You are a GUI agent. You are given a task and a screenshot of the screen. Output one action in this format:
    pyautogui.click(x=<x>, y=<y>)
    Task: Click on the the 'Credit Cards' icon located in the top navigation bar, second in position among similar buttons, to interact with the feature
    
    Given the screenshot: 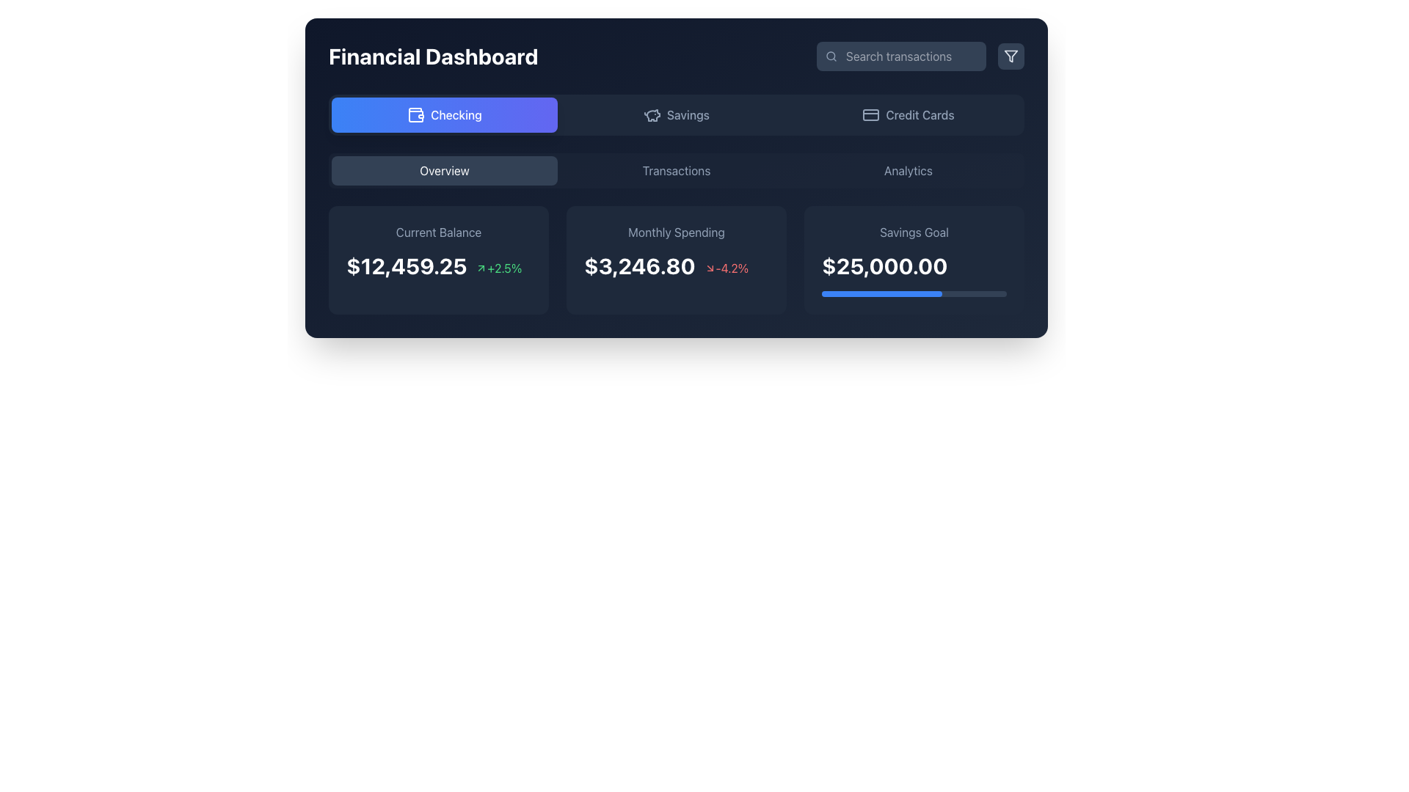 What is the action you would take?
    pyautogui.click(x=871, y=114)
    